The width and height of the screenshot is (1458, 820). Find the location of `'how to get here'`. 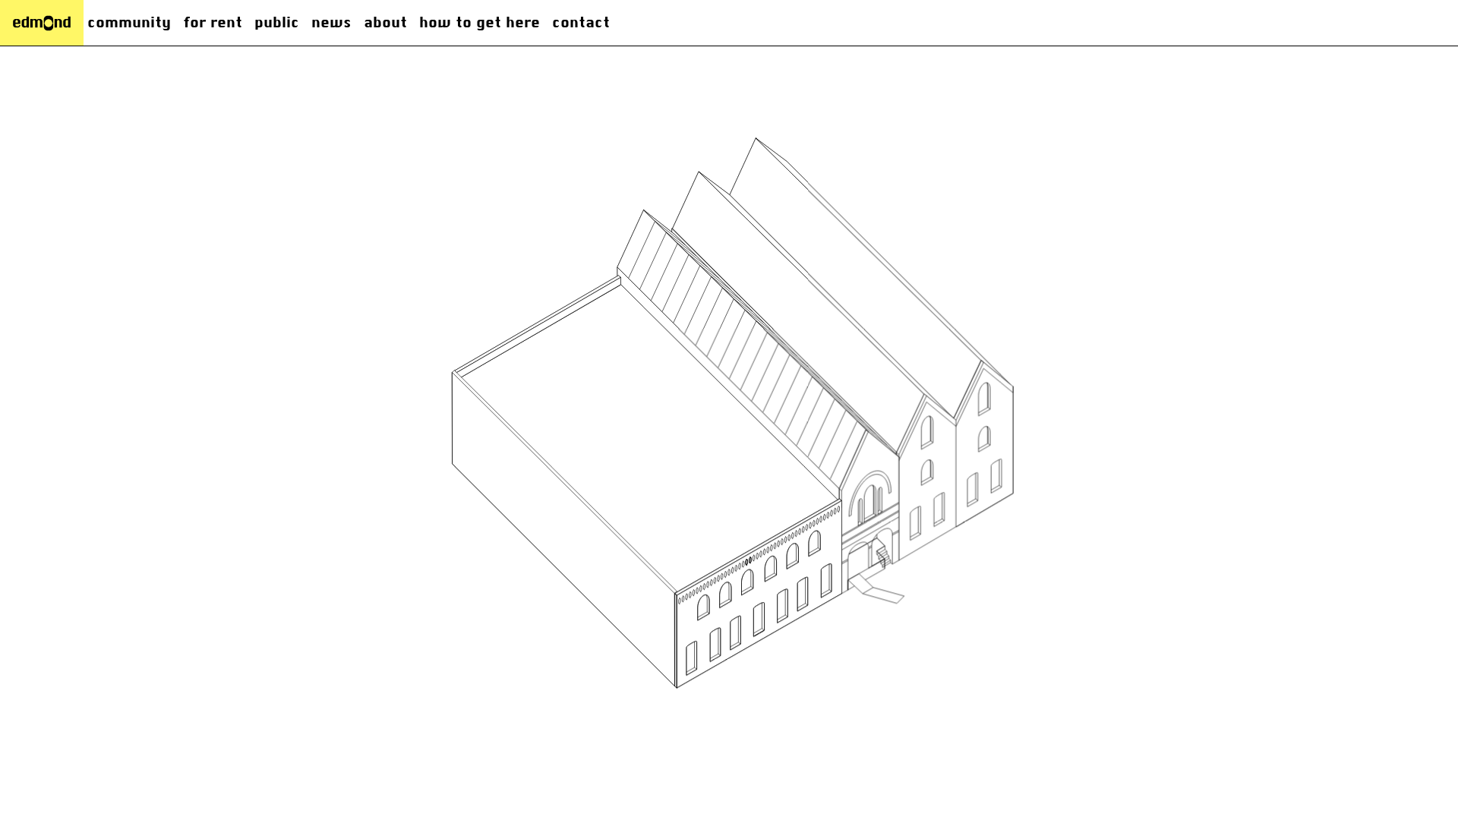

'how to get here' is located at coordinates (478, 23).